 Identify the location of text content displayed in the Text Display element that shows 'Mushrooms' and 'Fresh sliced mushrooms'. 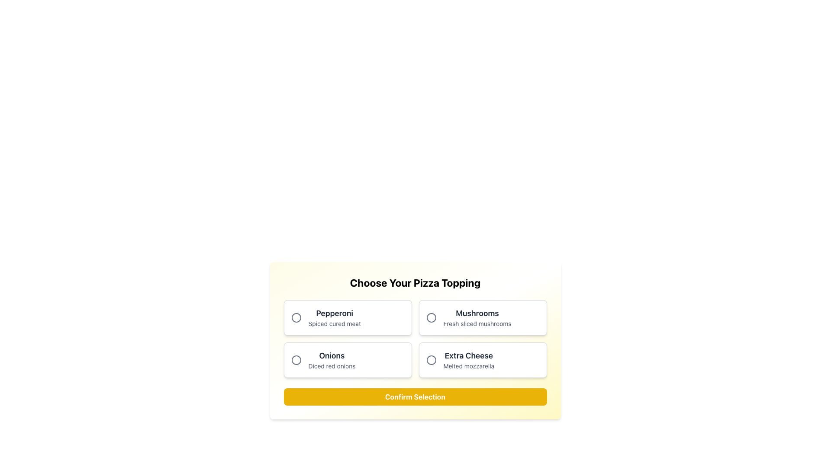
(477, 318).